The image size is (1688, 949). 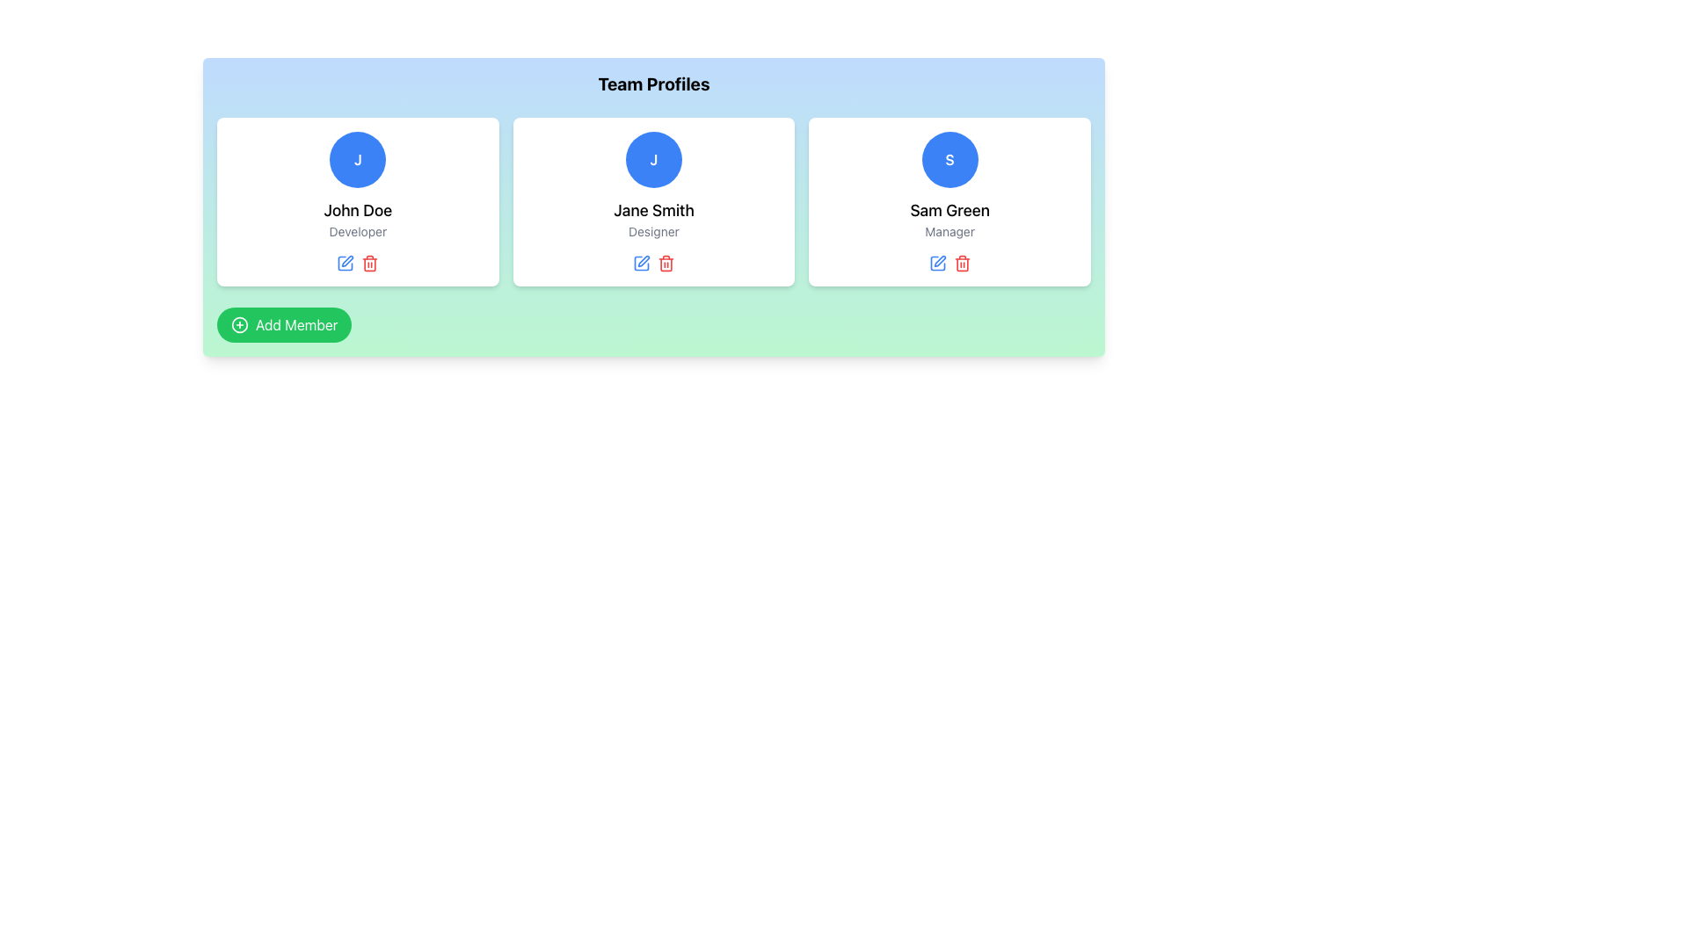 What do you see at coordinates (284, 325) in the screenshot?
I see `the 'Add Member' button by tabbing for keyboard navigation` at bounding box center [284, 325].